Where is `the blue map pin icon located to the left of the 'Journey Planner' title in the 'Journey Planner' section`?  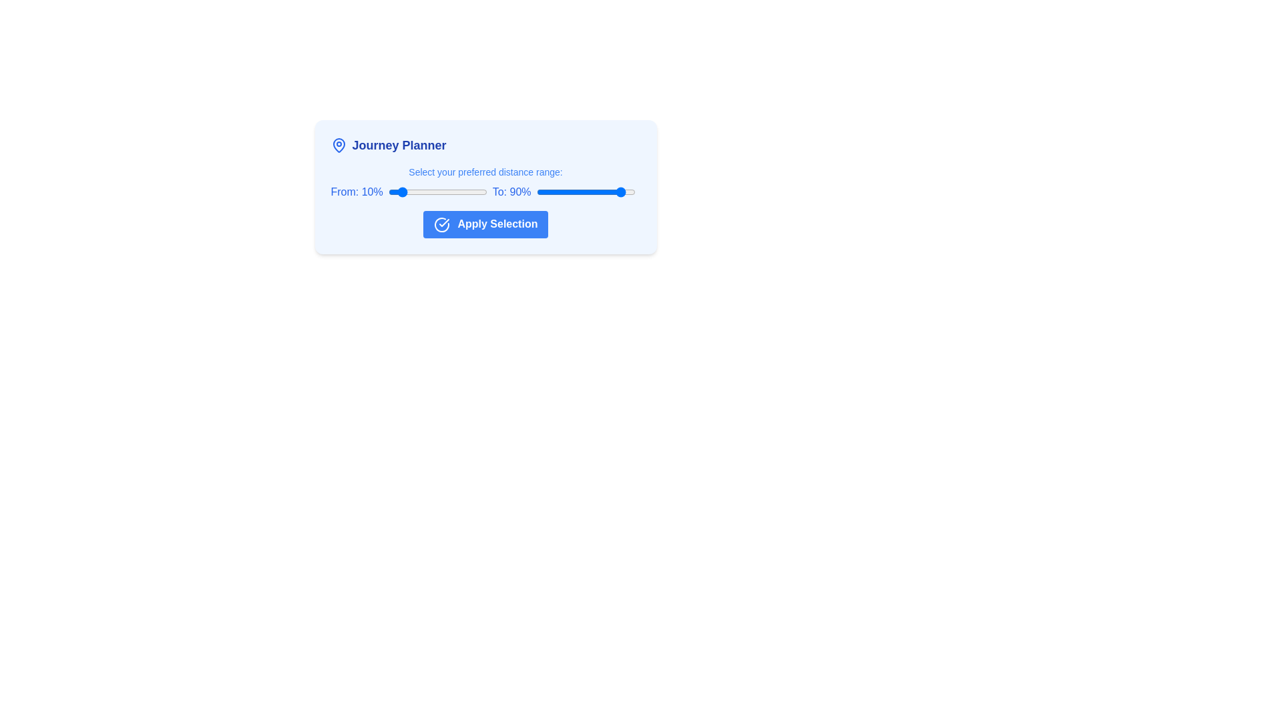 the blue map pin icon located to the left of the 'Journey Planner' title in the 'Journey Planner' section is located at coordinates (339, 146).